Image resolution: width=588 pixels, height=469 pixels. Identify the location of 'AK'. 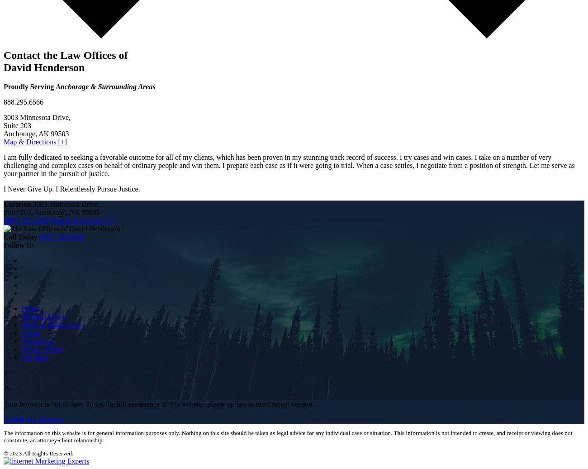
(69, 212).